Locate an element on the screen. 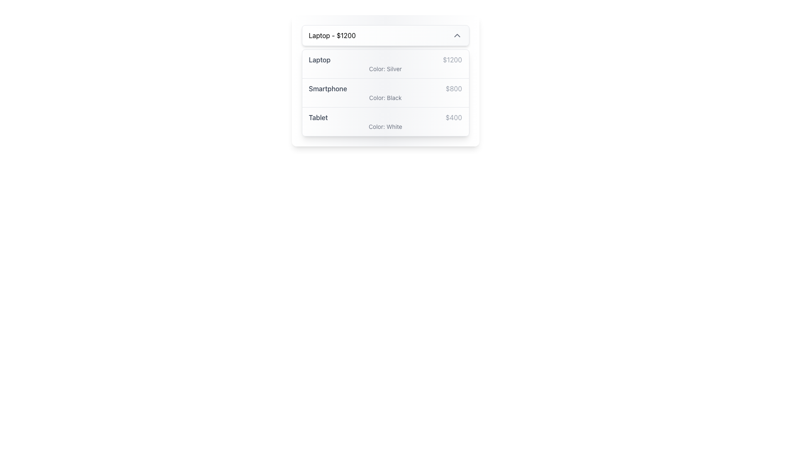  text element displaying 'Color: Black' located under the main item description 'Smartphone' and its price '$800' is located at coordinates (385, 98).